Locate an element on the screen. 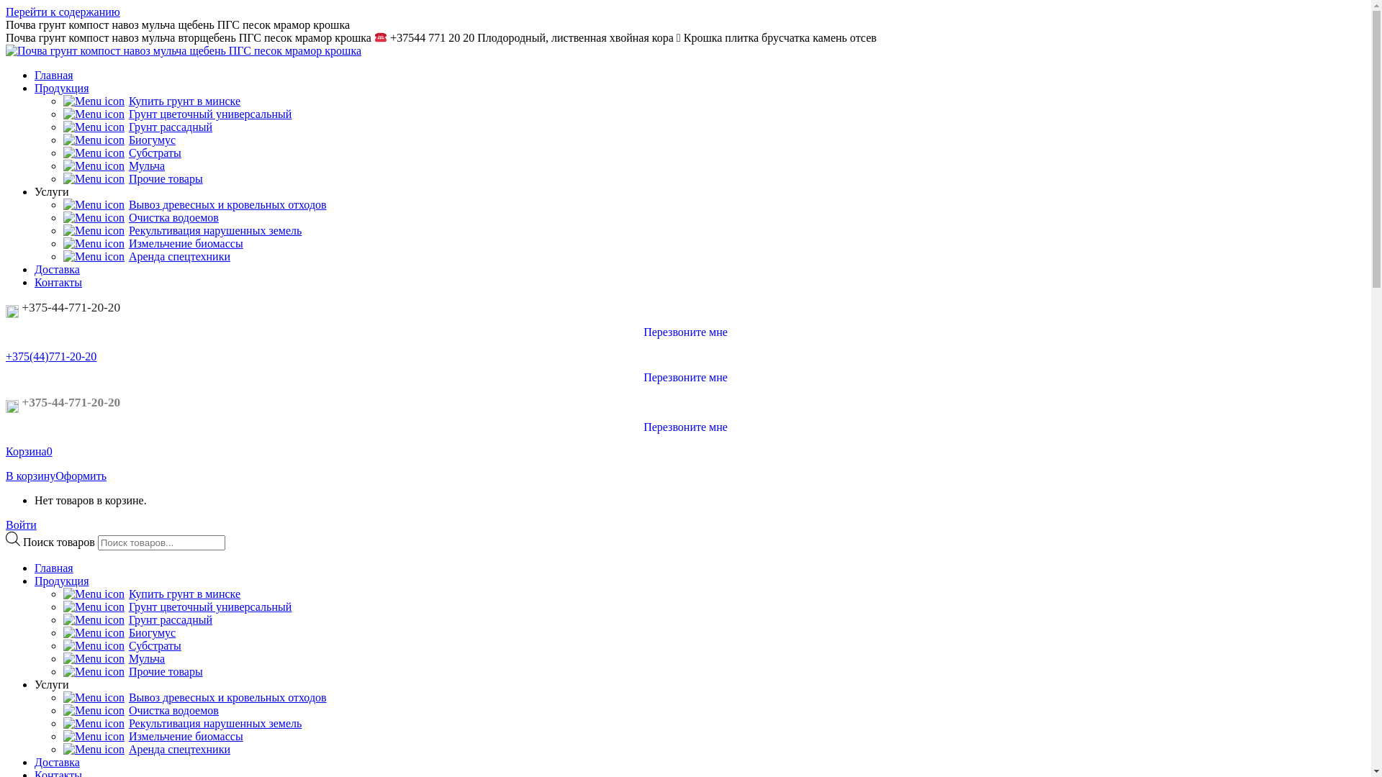 The width and height of the screenshot is (1382, 777). '+375-44-771-20-20' is located at coordinates (62, 402).